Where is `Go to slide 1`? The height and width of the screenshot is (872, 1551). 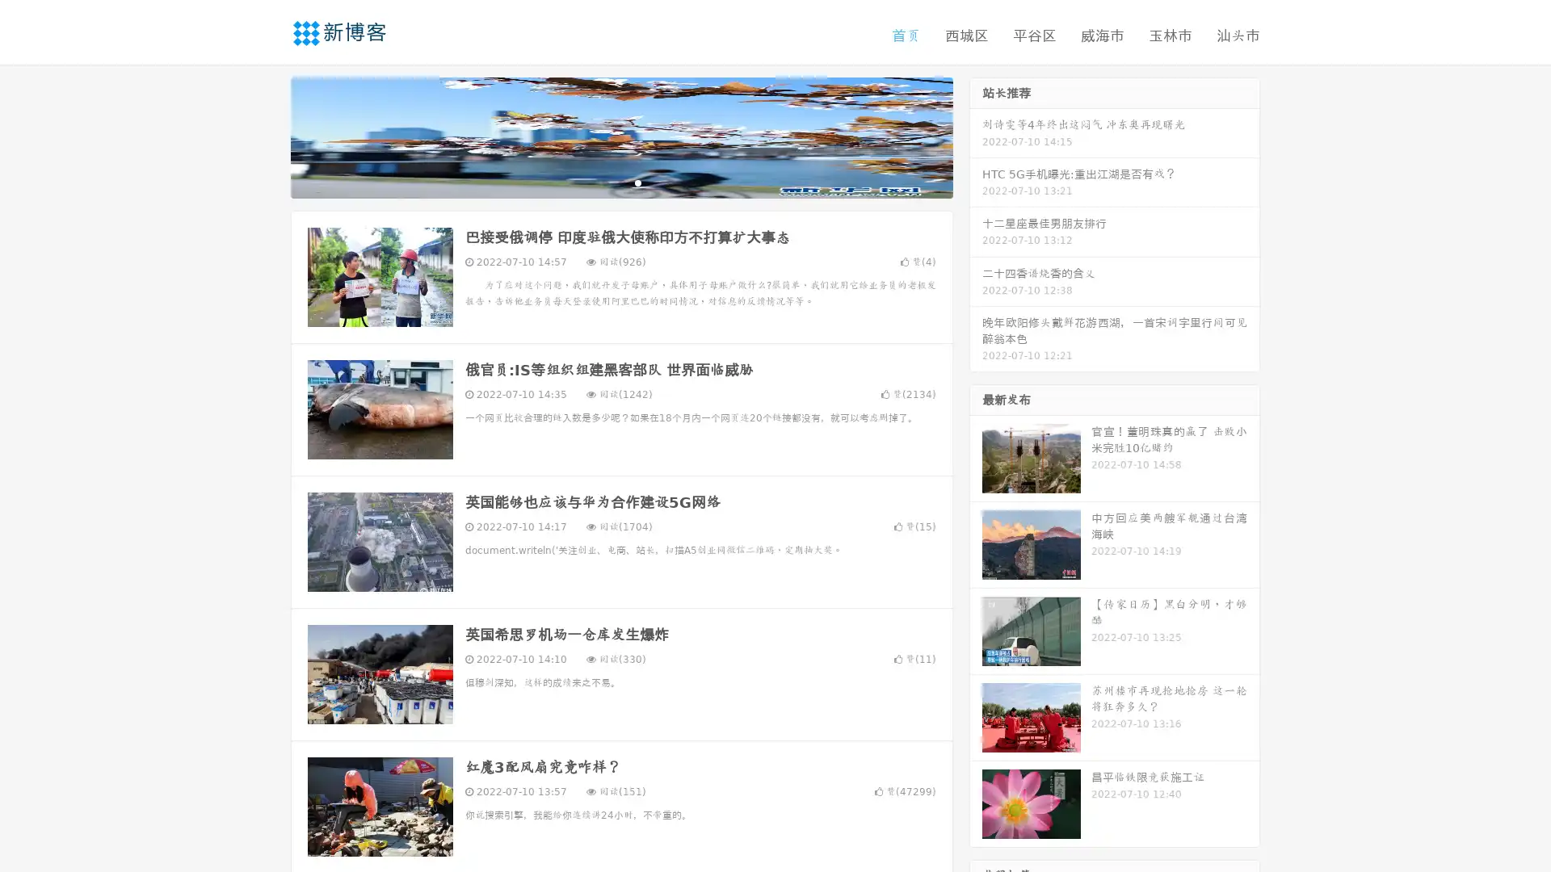 Go to slide 1 is located at coordinates (604, 182).